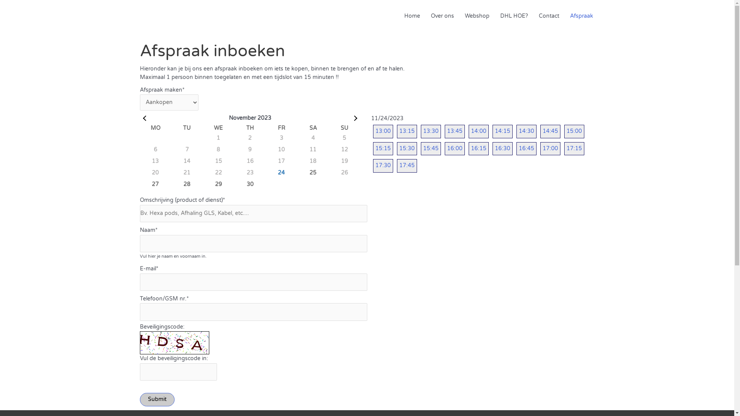 Image resolution: width=740 pixels, height=416 pixels. Describe the element at coordinates (526, 148) in the screenshot. I see `'16:45'` at that location.